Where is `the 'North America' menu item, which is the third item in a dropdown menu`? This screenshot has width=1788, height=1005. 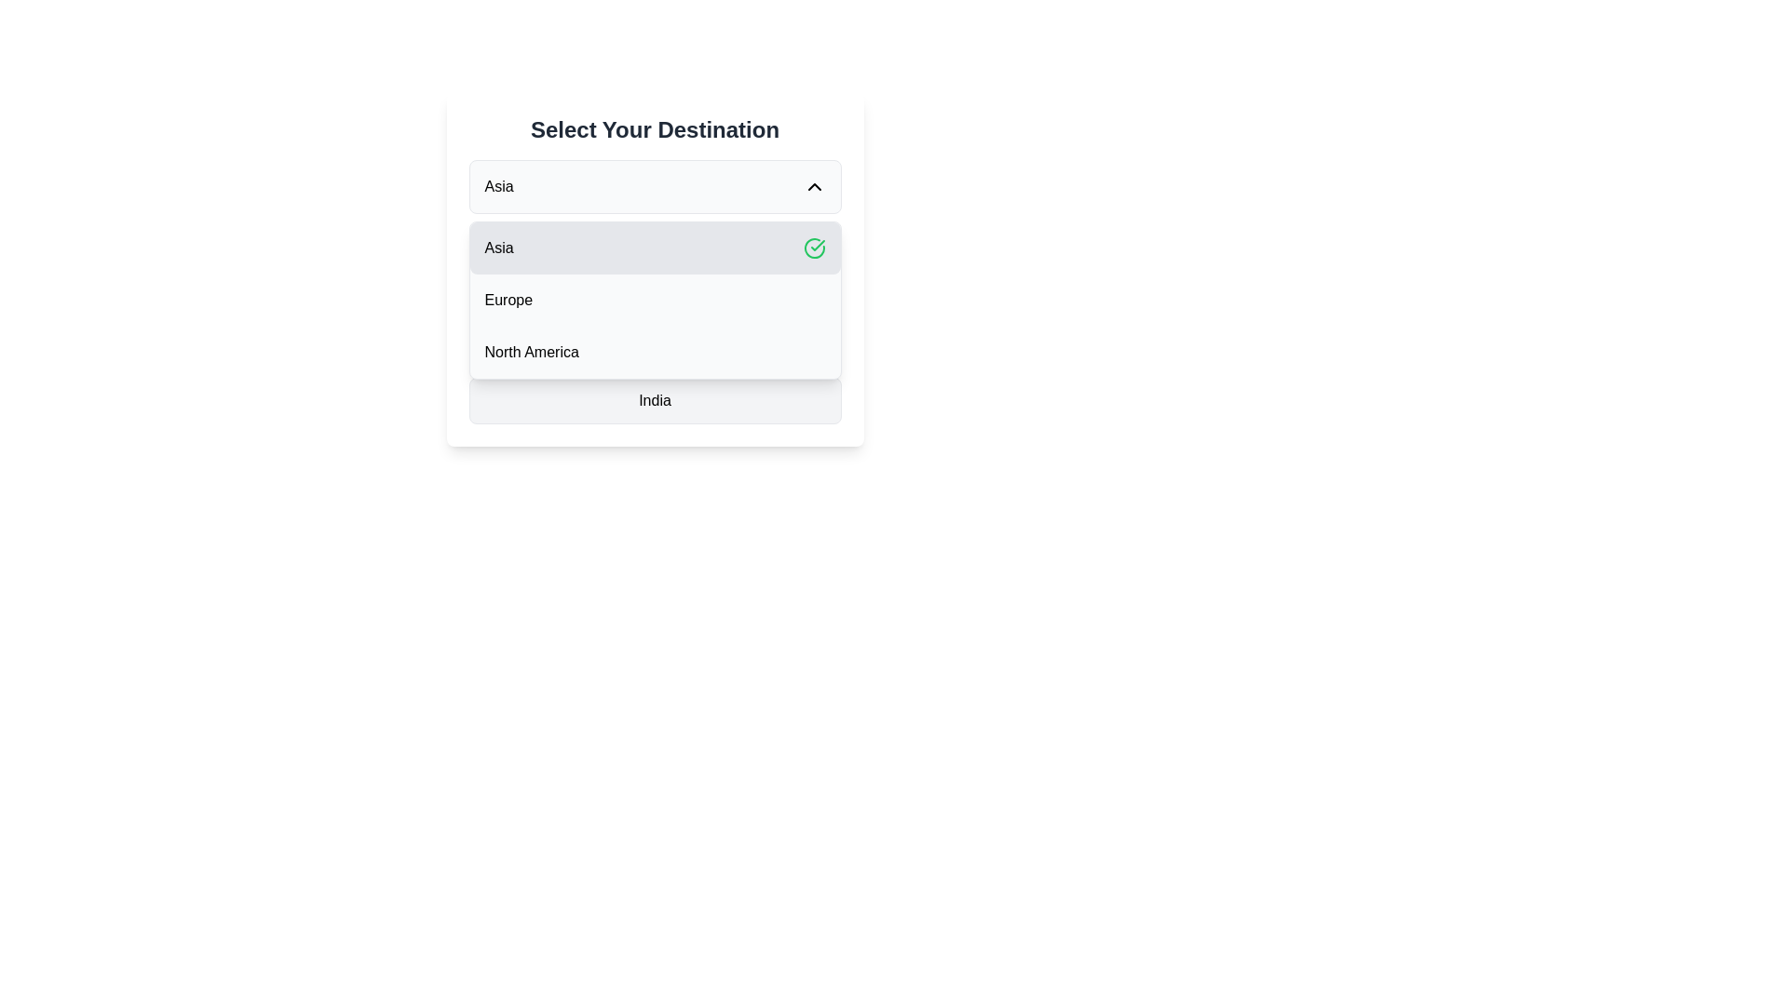
the 'North America' menu item, which is the third item in a dropdown menu is located at coordinates (655, 352).